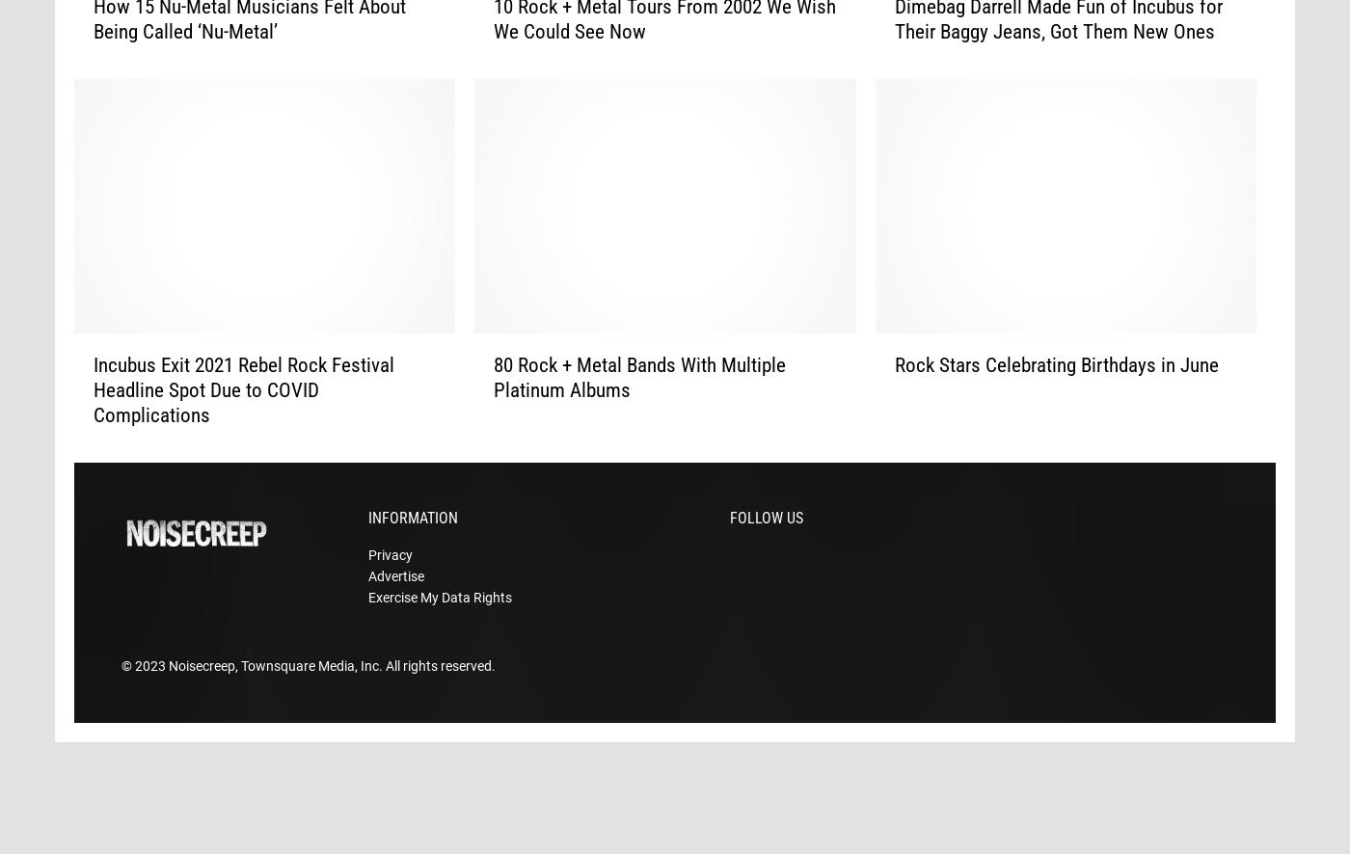  What do you see at coordinates (767, 547) in the screenshot?
I see `'Follow Us'` at bounding box center [767, 547].